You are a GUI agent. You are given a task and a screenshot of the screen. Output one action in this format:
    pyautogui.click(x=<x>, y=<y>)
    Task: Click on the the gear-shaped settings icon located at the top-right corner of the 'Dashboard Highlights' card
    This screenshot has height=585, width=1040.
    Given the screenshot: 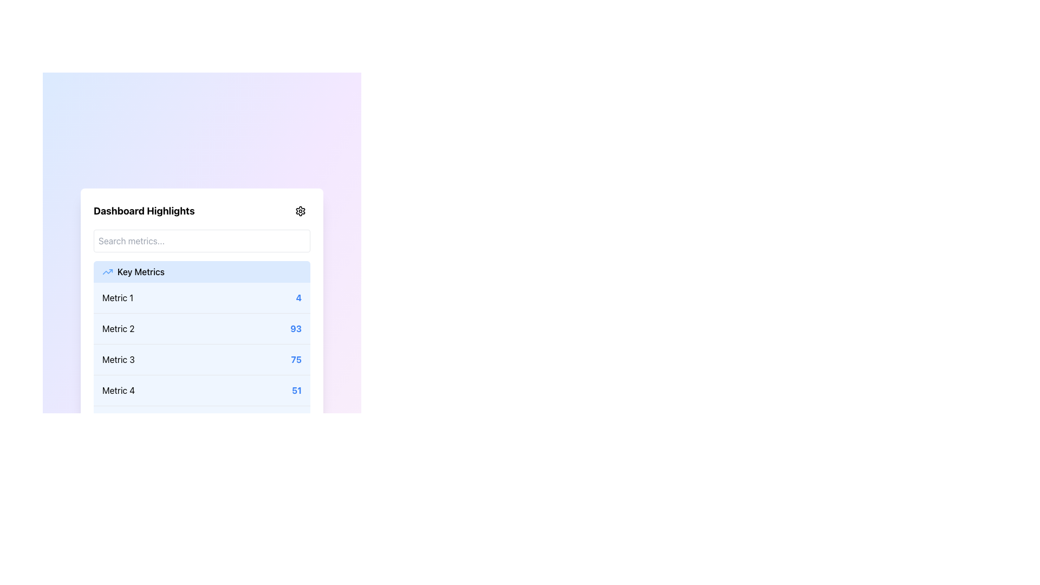 What is the action you would take?
    pyautogui.click(x=301, y=211)
    